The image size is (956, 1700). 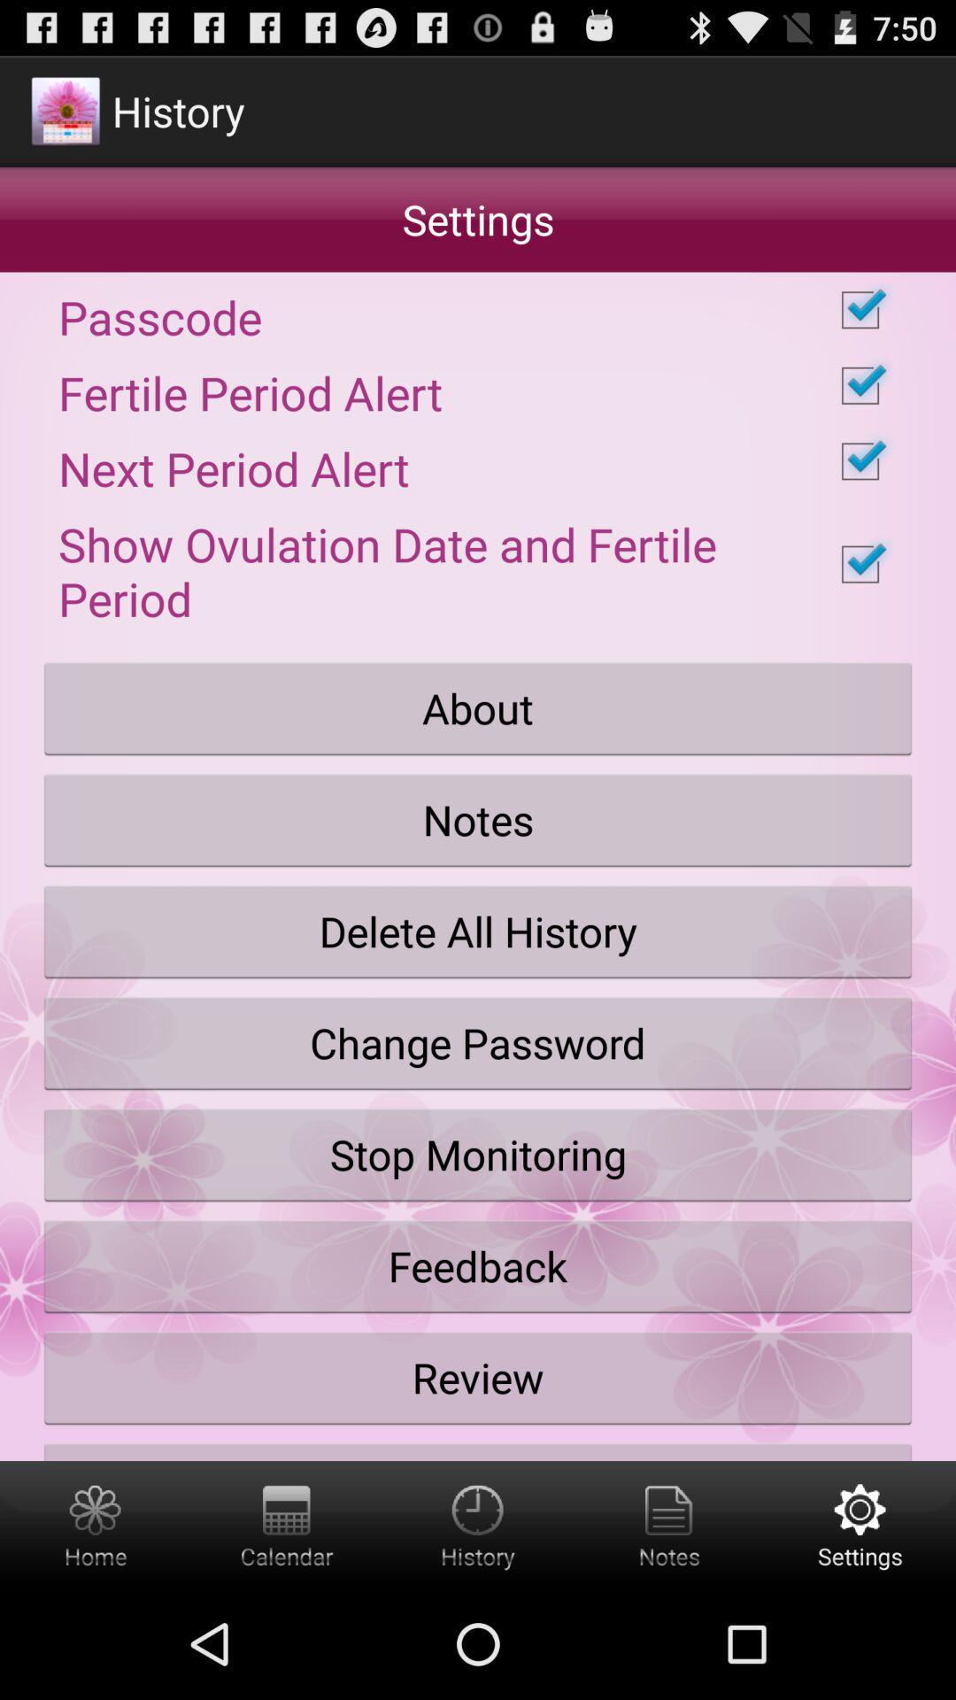 I want to click on app home screen, so click(x=96, y=1524).